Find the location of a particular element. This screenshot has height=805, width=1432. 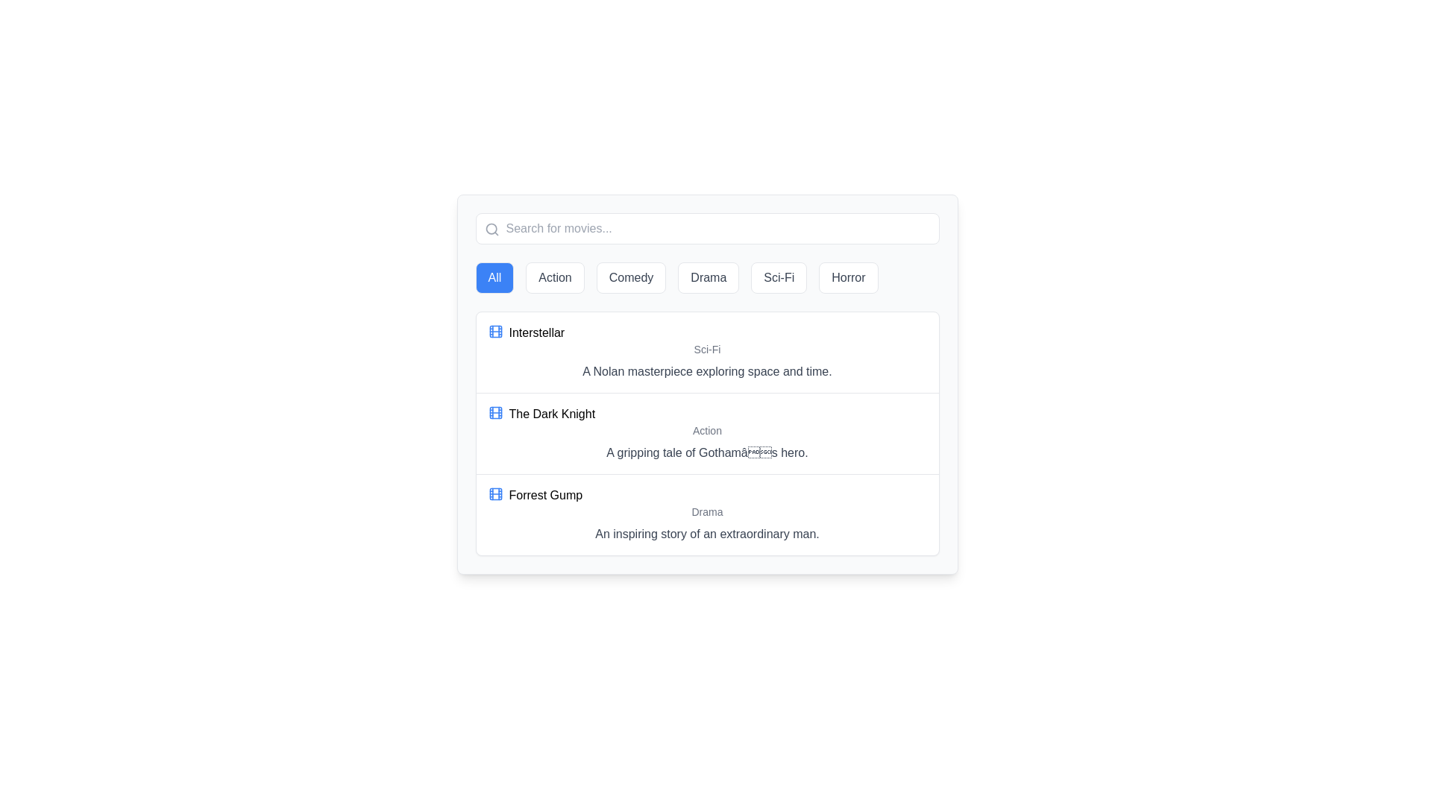

the 'Action' category button, which is the second button in a horizontal row of category buttons, located between the 'All' and 'Comedy' buttons in the navigation bar is located at coordinates (554, 278).